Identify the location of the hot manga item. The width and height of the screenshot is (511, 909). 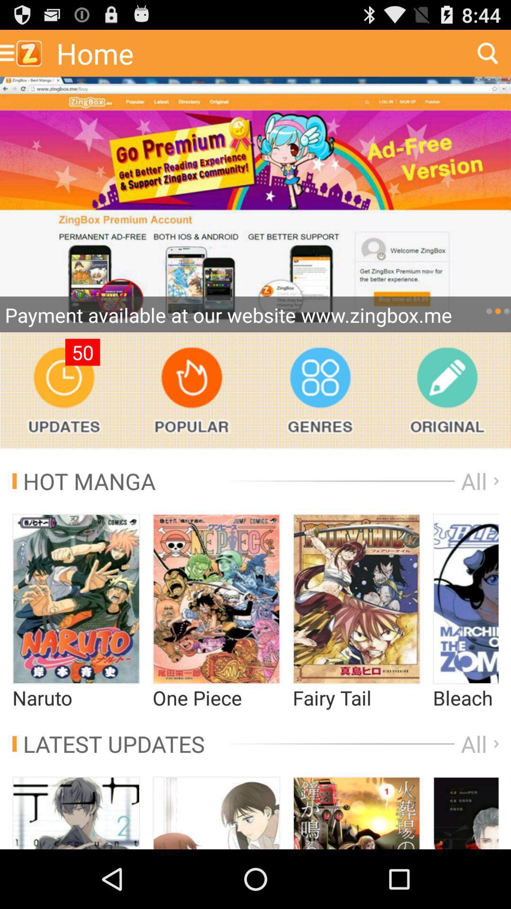
(83, 481).